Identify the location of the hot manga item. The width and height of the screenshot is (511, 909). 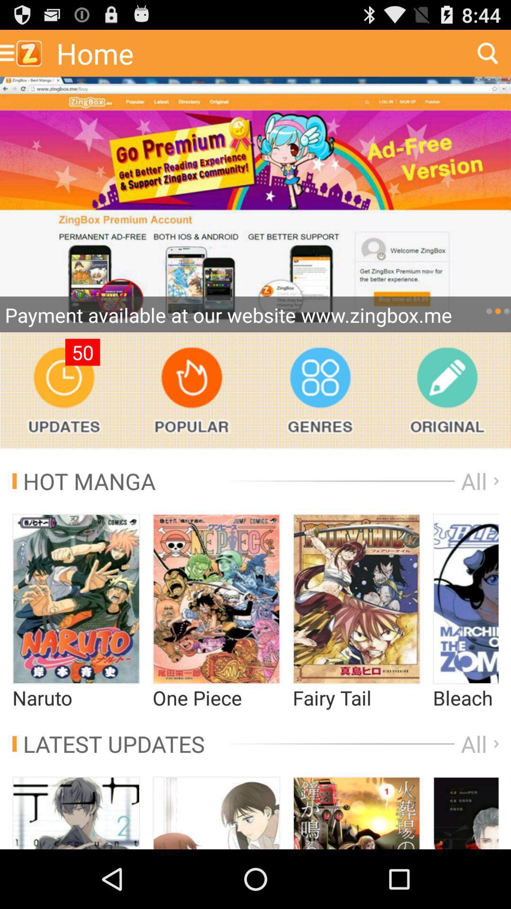
(83, 481).